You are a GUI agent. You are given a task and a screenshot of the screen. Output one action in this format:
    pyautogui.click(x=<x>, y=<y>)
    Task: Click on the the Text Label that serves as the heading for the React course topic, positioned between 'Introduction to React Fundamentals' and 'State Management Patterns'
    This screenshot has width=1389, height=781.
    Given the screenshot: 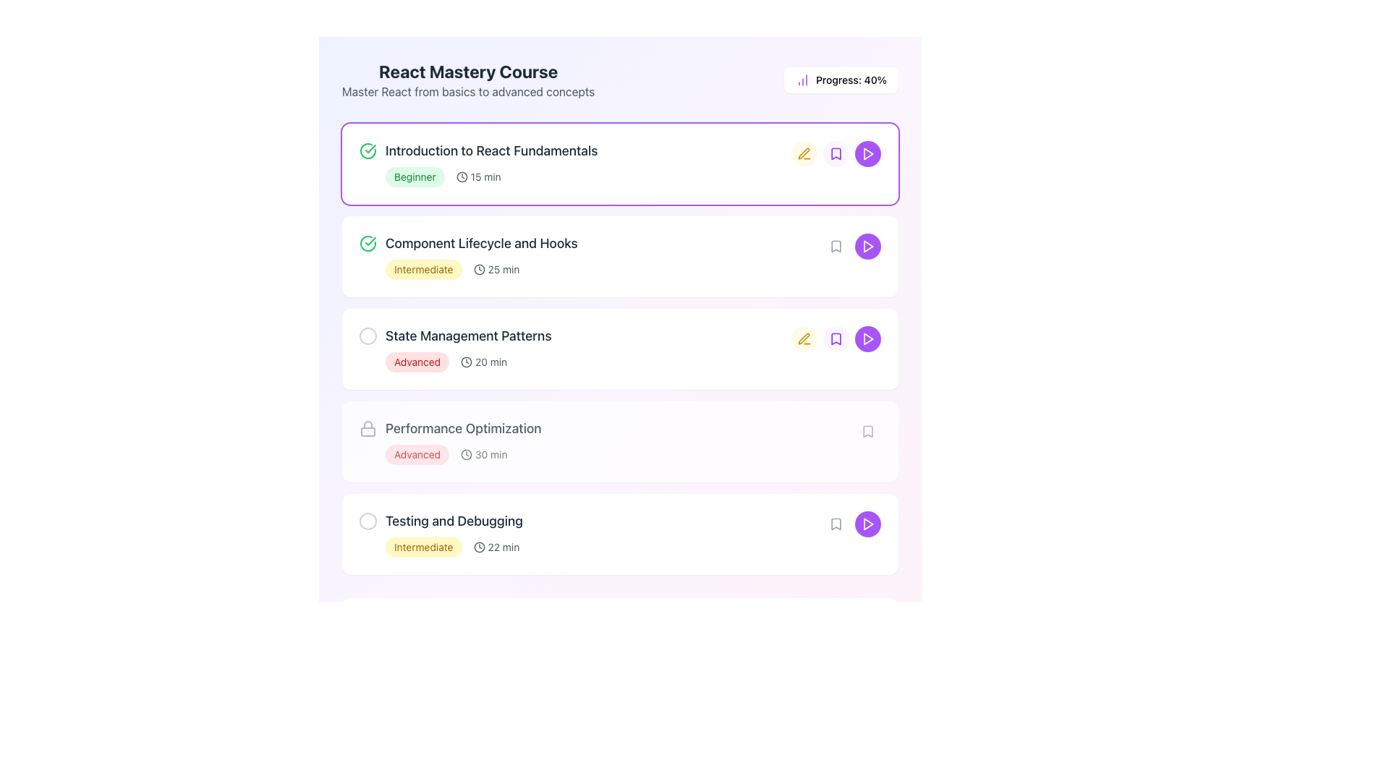 What is the action you would take?
    pyautogui.click(x=481, y=242)
    